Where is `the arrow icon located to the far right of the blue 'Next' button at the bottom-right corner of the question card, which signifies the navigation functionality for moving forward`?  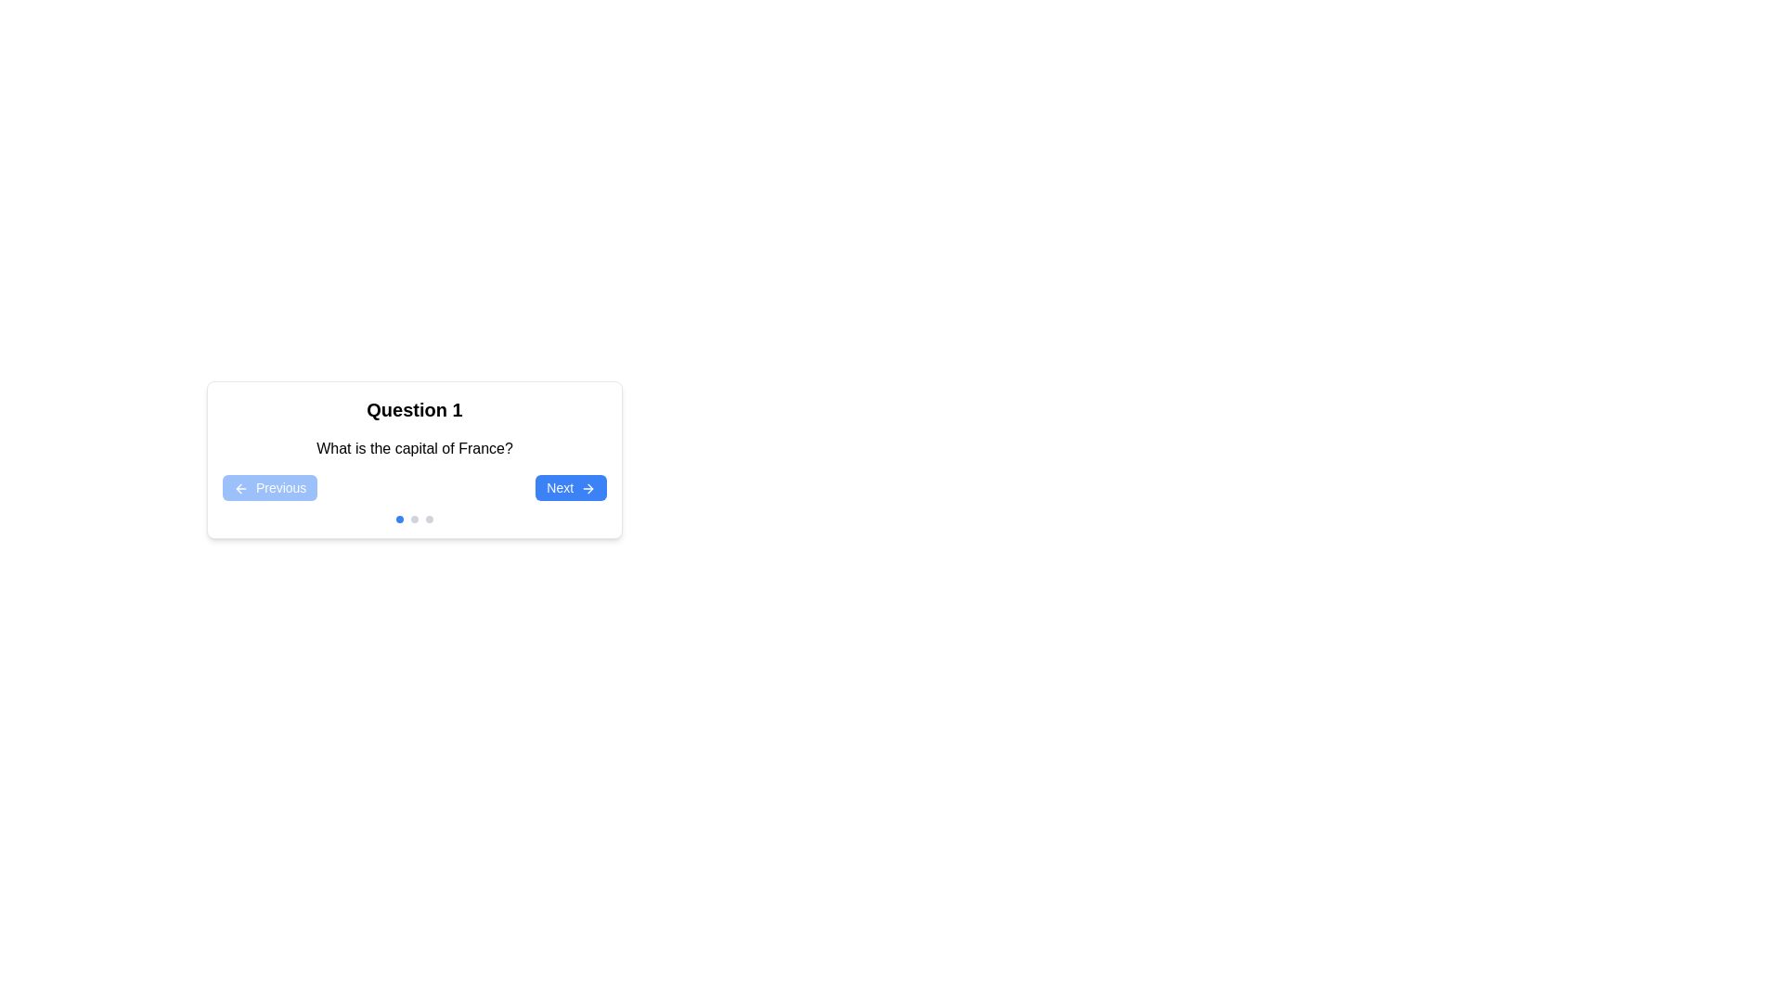 the arrow icon located to the far right of the blue 'Next' button at the bottom-right corner of the question card, which signifies the navigation functionality for moving forward is located at coordinates (587, 488).